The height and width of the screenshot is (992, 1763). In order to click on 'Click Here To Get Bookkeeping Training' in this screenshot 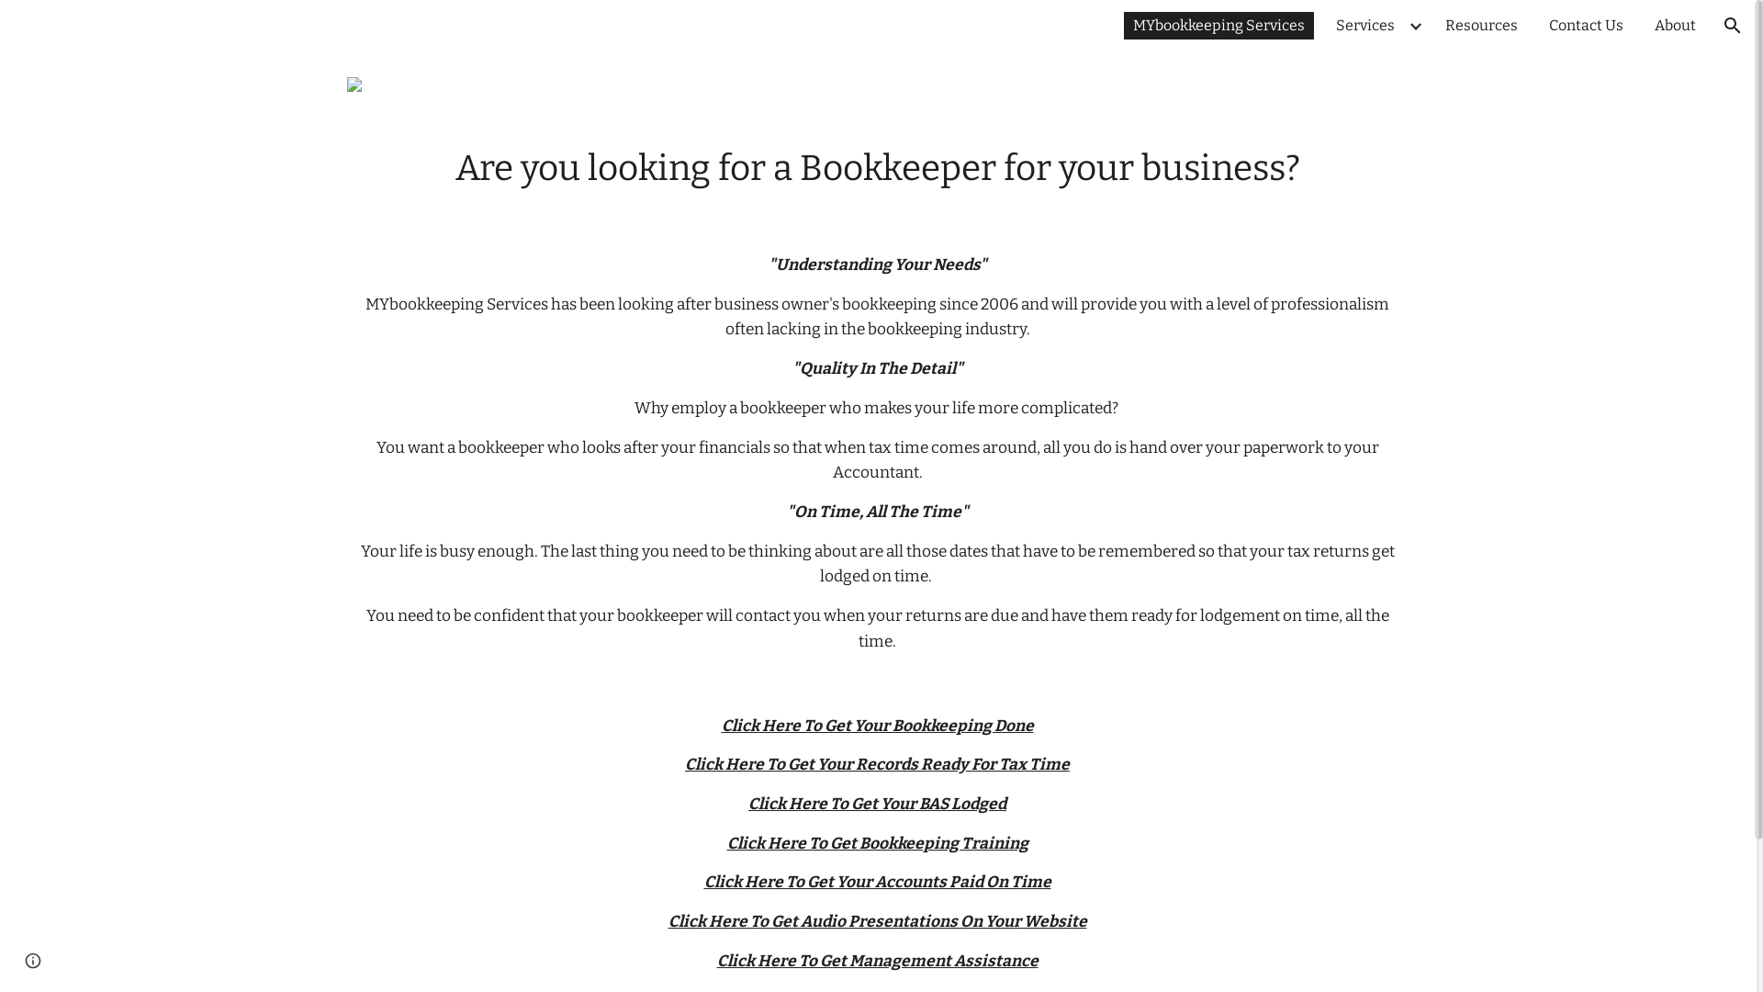, I will do `click(876, 843)`.